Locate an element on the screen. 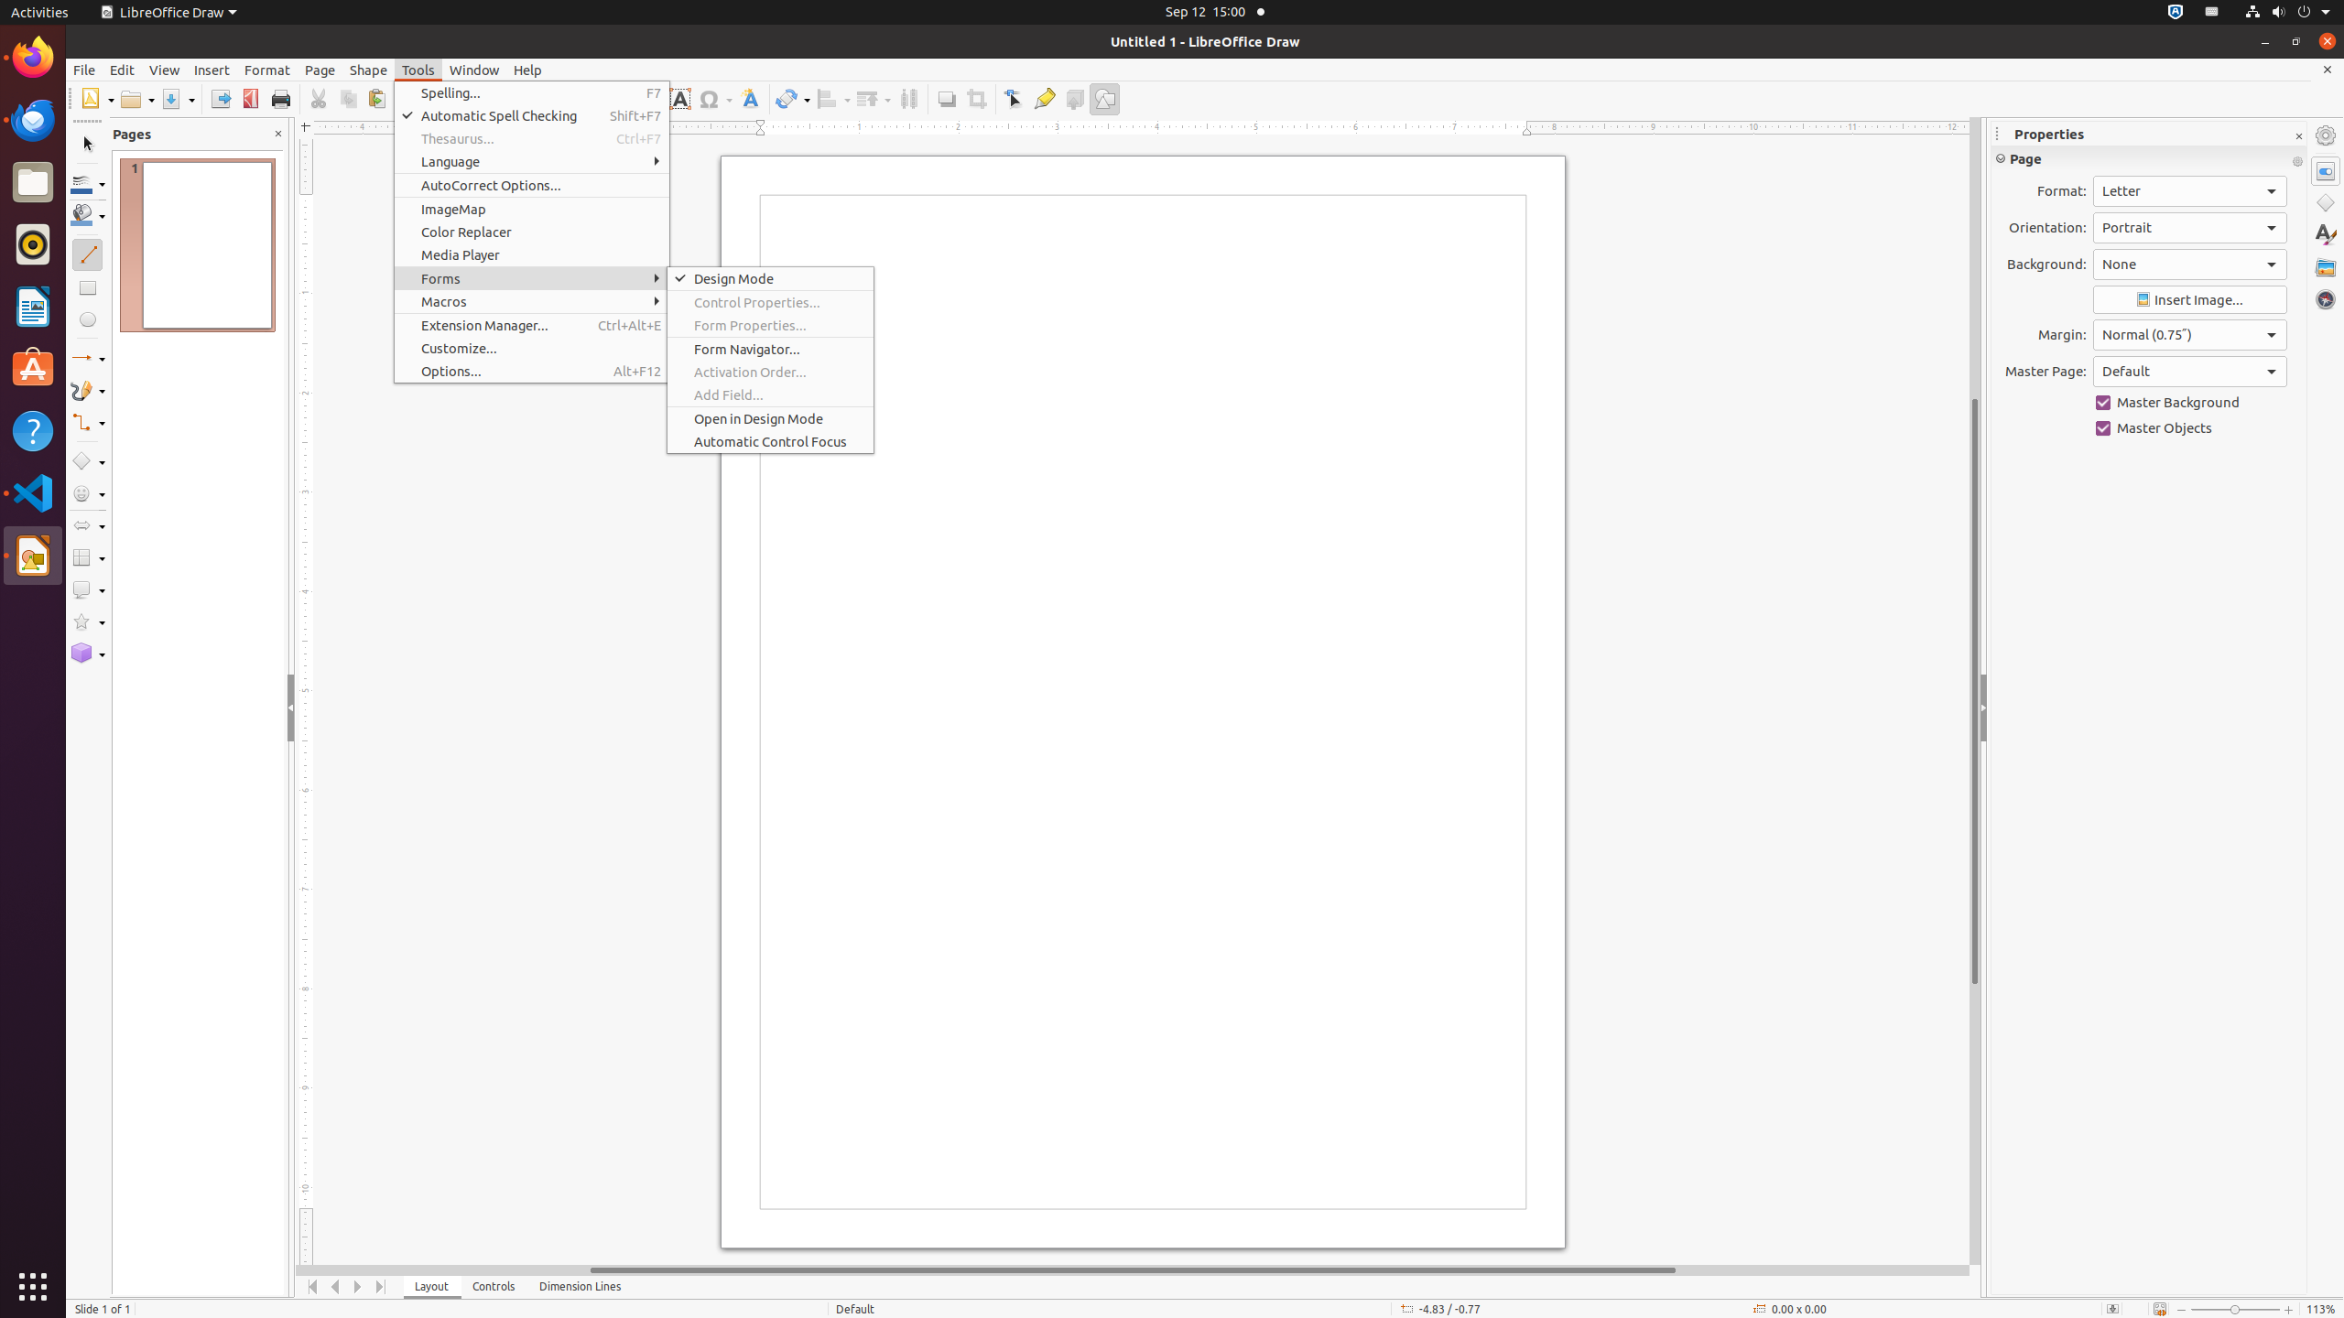  'Move Right' is located at coordinates (358, 1286).